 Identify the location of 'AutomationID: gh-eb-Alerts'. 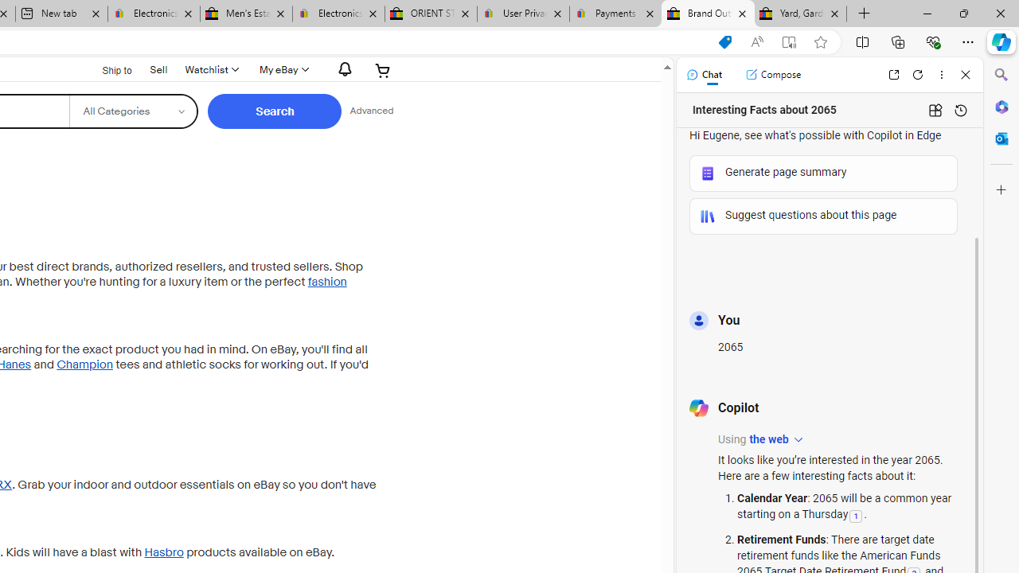
(342, 68).